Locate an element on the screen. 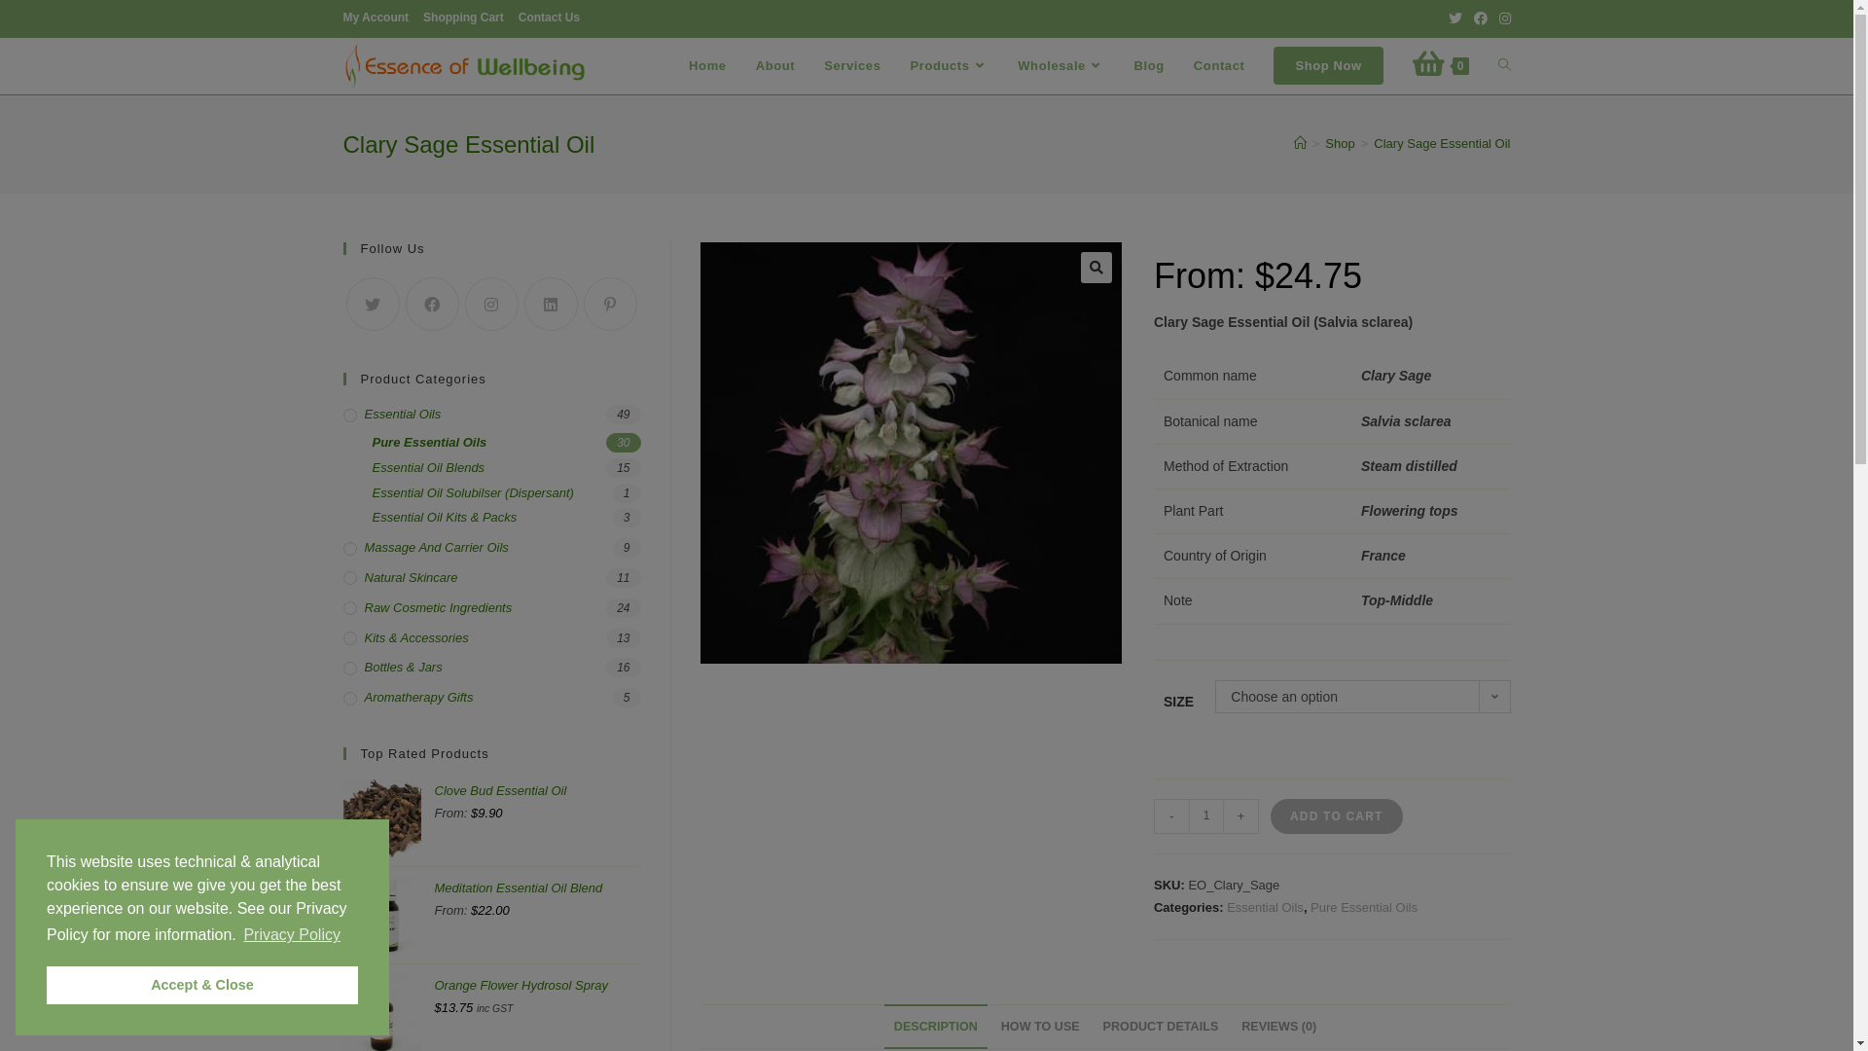  '0' is located at coordinates (1441, 65).